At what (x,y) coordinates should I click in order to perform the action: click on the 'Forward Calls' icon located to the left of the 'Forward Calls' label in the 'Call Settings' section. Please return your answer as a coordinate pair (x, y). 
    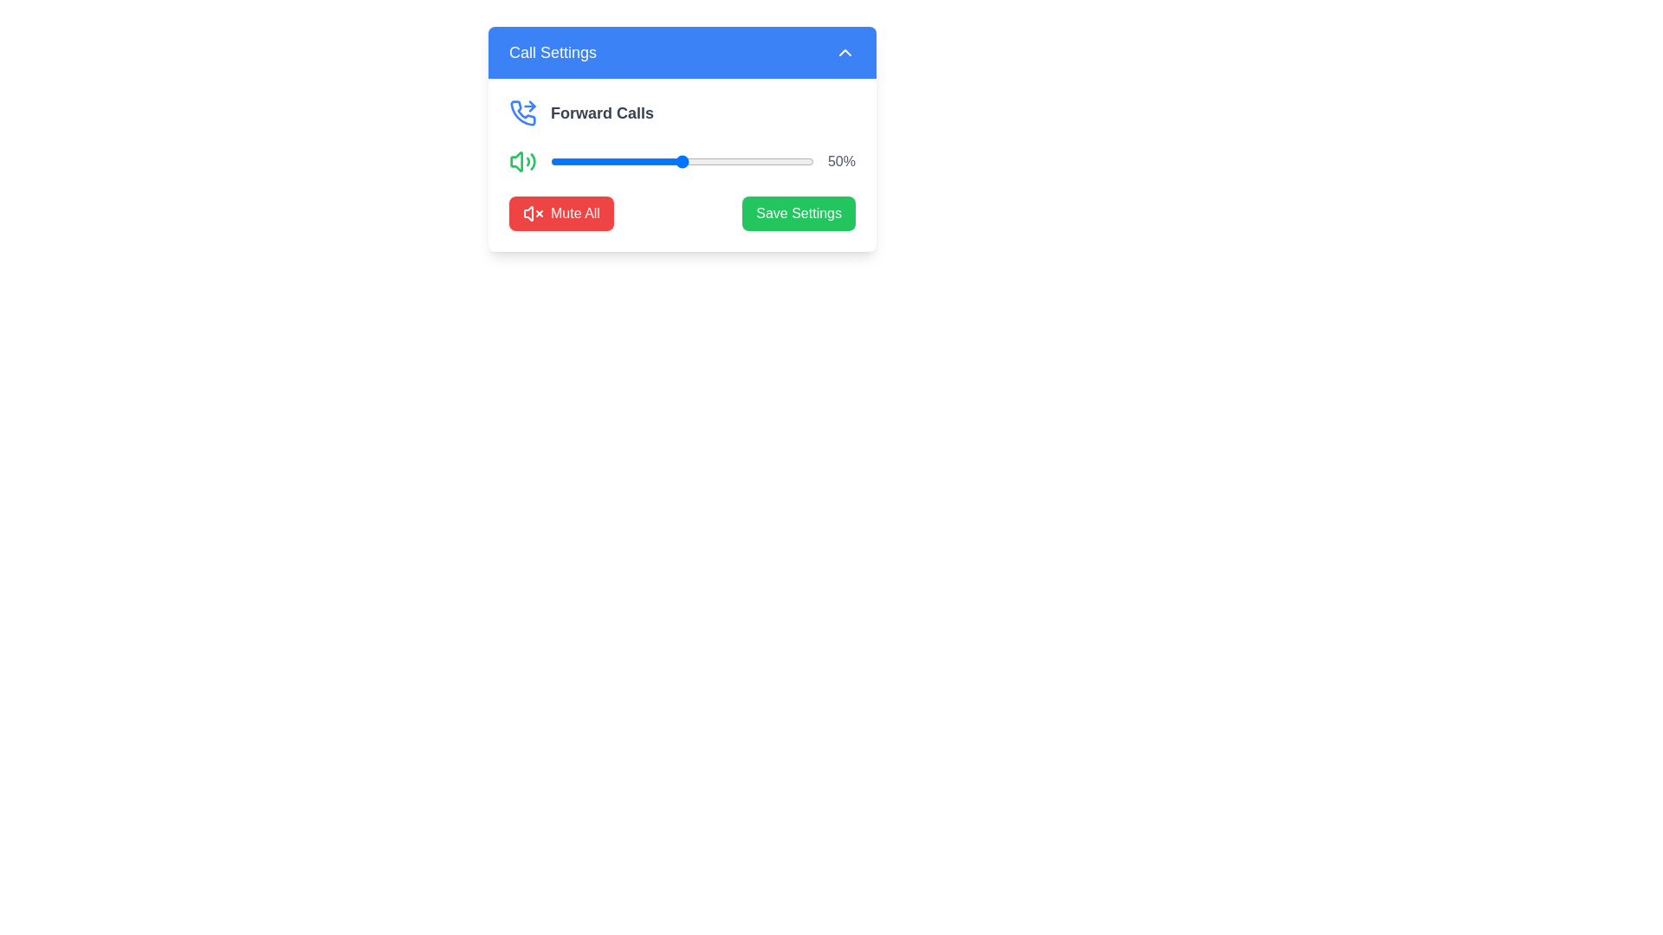
    Looking at the image, I should click on (522, 113).